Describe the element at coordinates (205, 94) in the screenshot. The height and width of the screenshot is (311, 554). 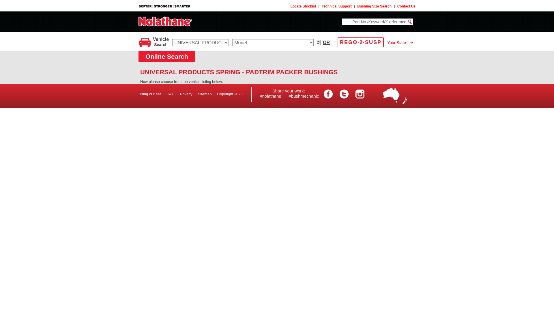
I see `'Sitemap'` at that location.